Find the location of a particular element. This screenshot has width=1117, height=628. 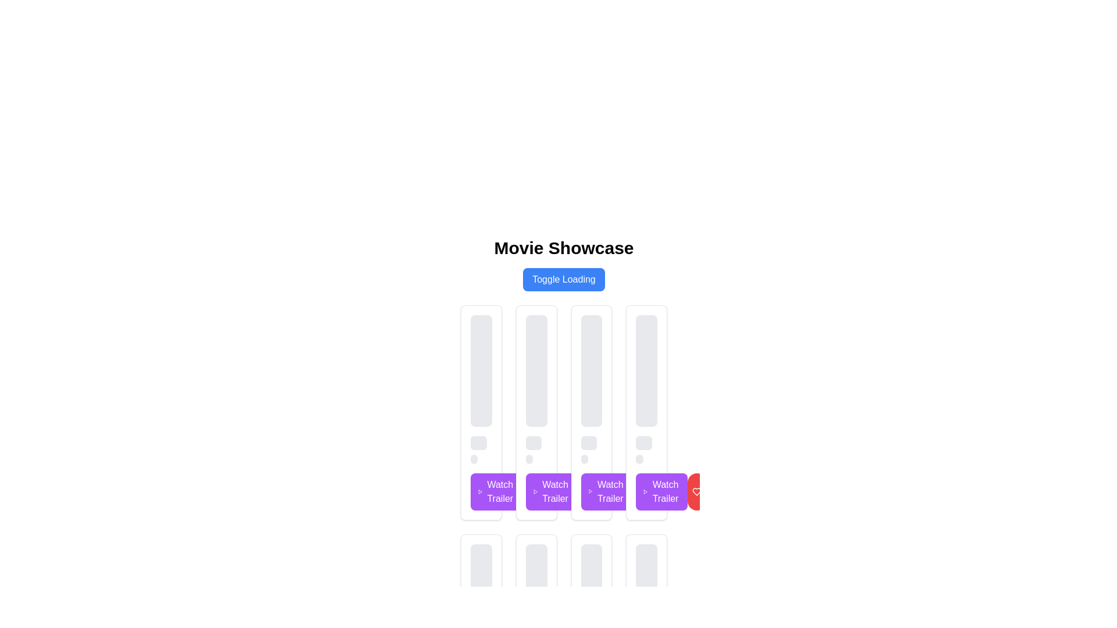

the blue 'Toggle Loading' button located in the 'Movie Showcase' section, which is styled with rounded corners and has a hover effect is located at coordinates (564, 265).